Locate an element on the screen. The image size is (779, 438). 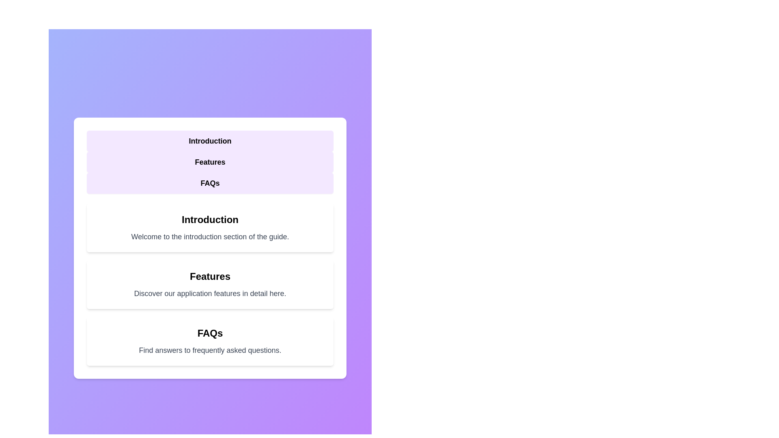
the 'Introduction' navigation button, which is the first of three vertically arranged buttons is located at coordinates (210, 140).